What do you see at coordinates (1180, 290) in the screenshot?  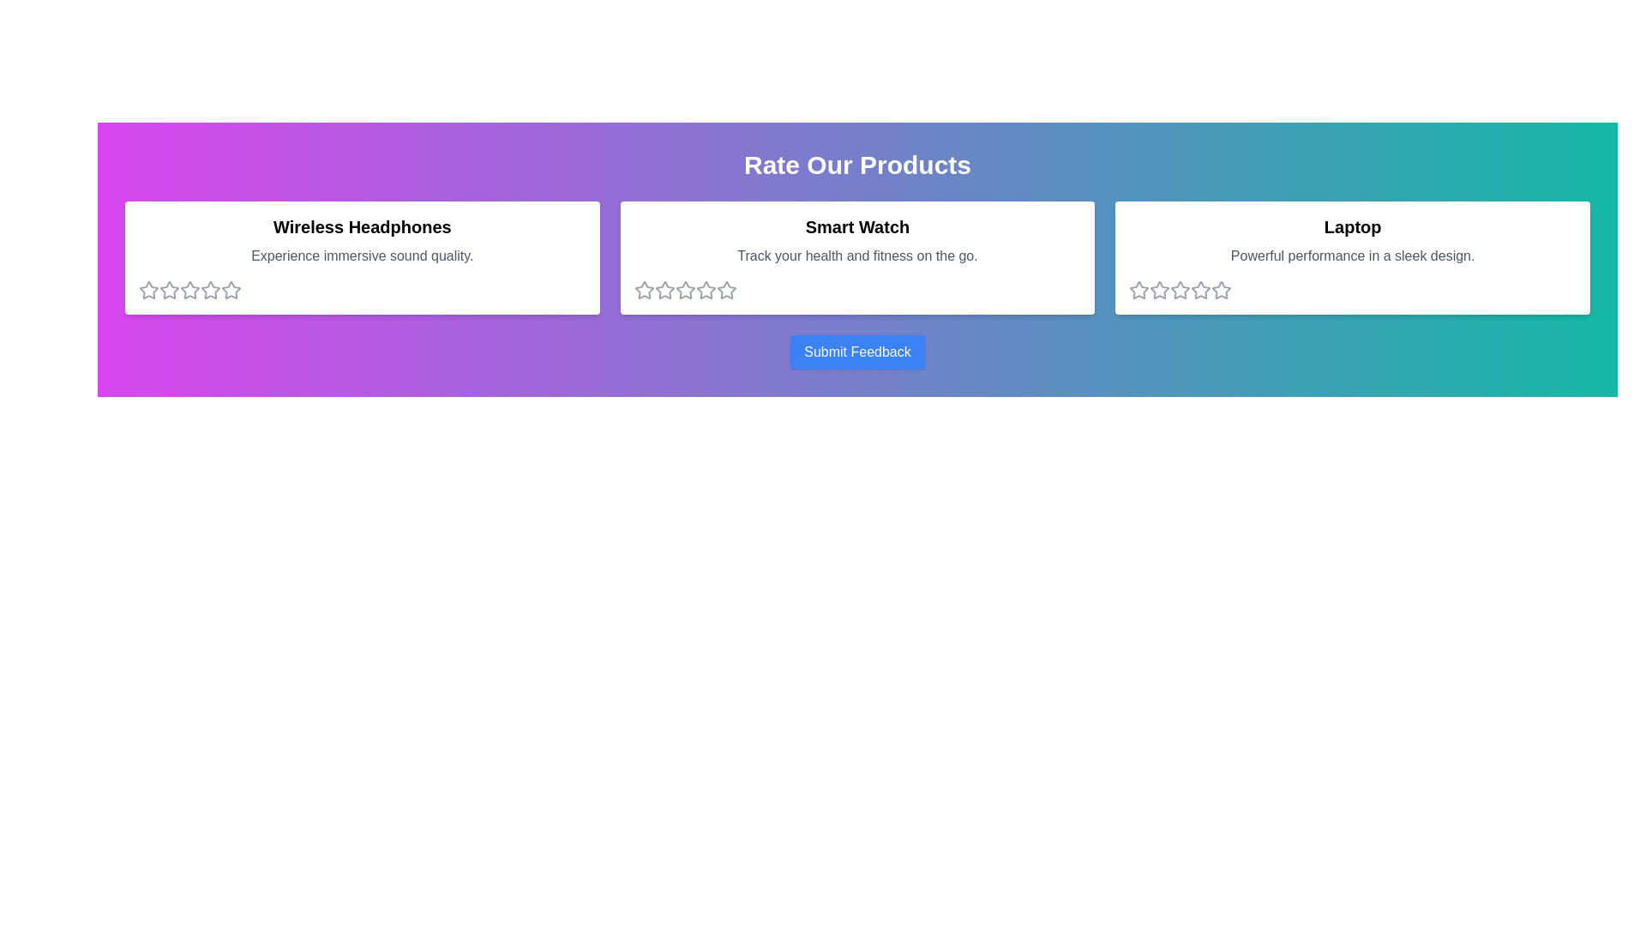 I see `the 3 star for the product Laptop to set its rating` at bounding box center [1180, 290].